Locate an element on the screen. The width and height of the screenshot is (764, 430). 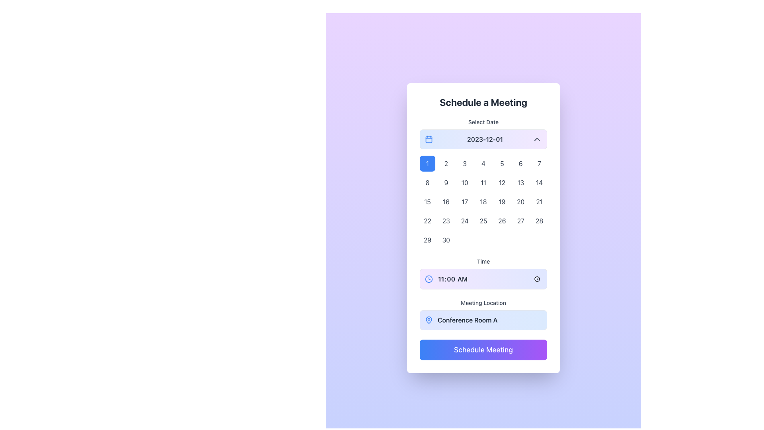
the calendar icon, which is blue and features a minimalist design with a square outline, located to the left of the date '2023-12-01' at the top section of the interface is located at coordinates (429, 139).